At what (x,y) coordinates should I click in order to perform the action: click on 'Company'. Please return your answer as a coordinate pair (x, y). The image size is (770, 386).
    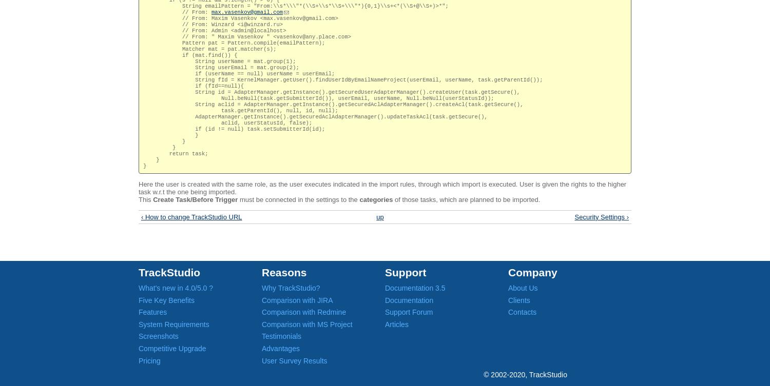
    Looking at the image, I should click on (532, 272).